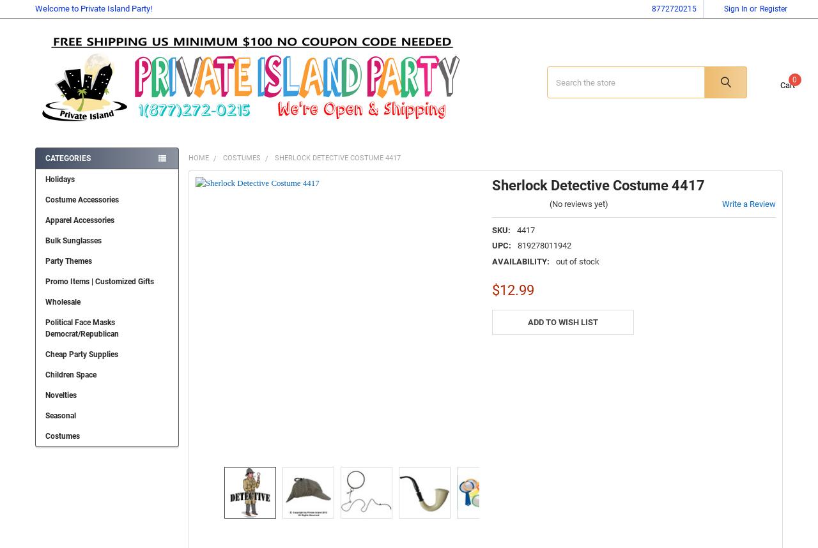 This screenshot has width=818, height=548. What do you see at coordinates (241, 166) in the screenshot?
I see `'Costumes'` at bounding box center [241, 166].